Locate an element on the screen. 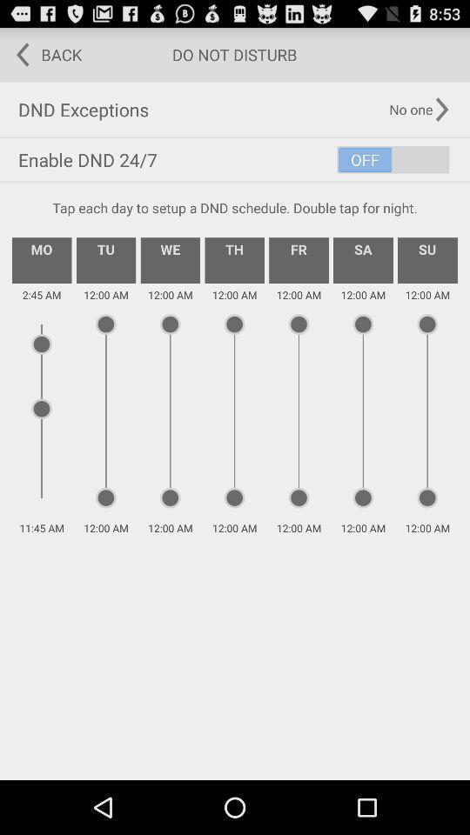 The height and width of the screenshot is (835, 470). we icon is located at coordinates (170, 259).